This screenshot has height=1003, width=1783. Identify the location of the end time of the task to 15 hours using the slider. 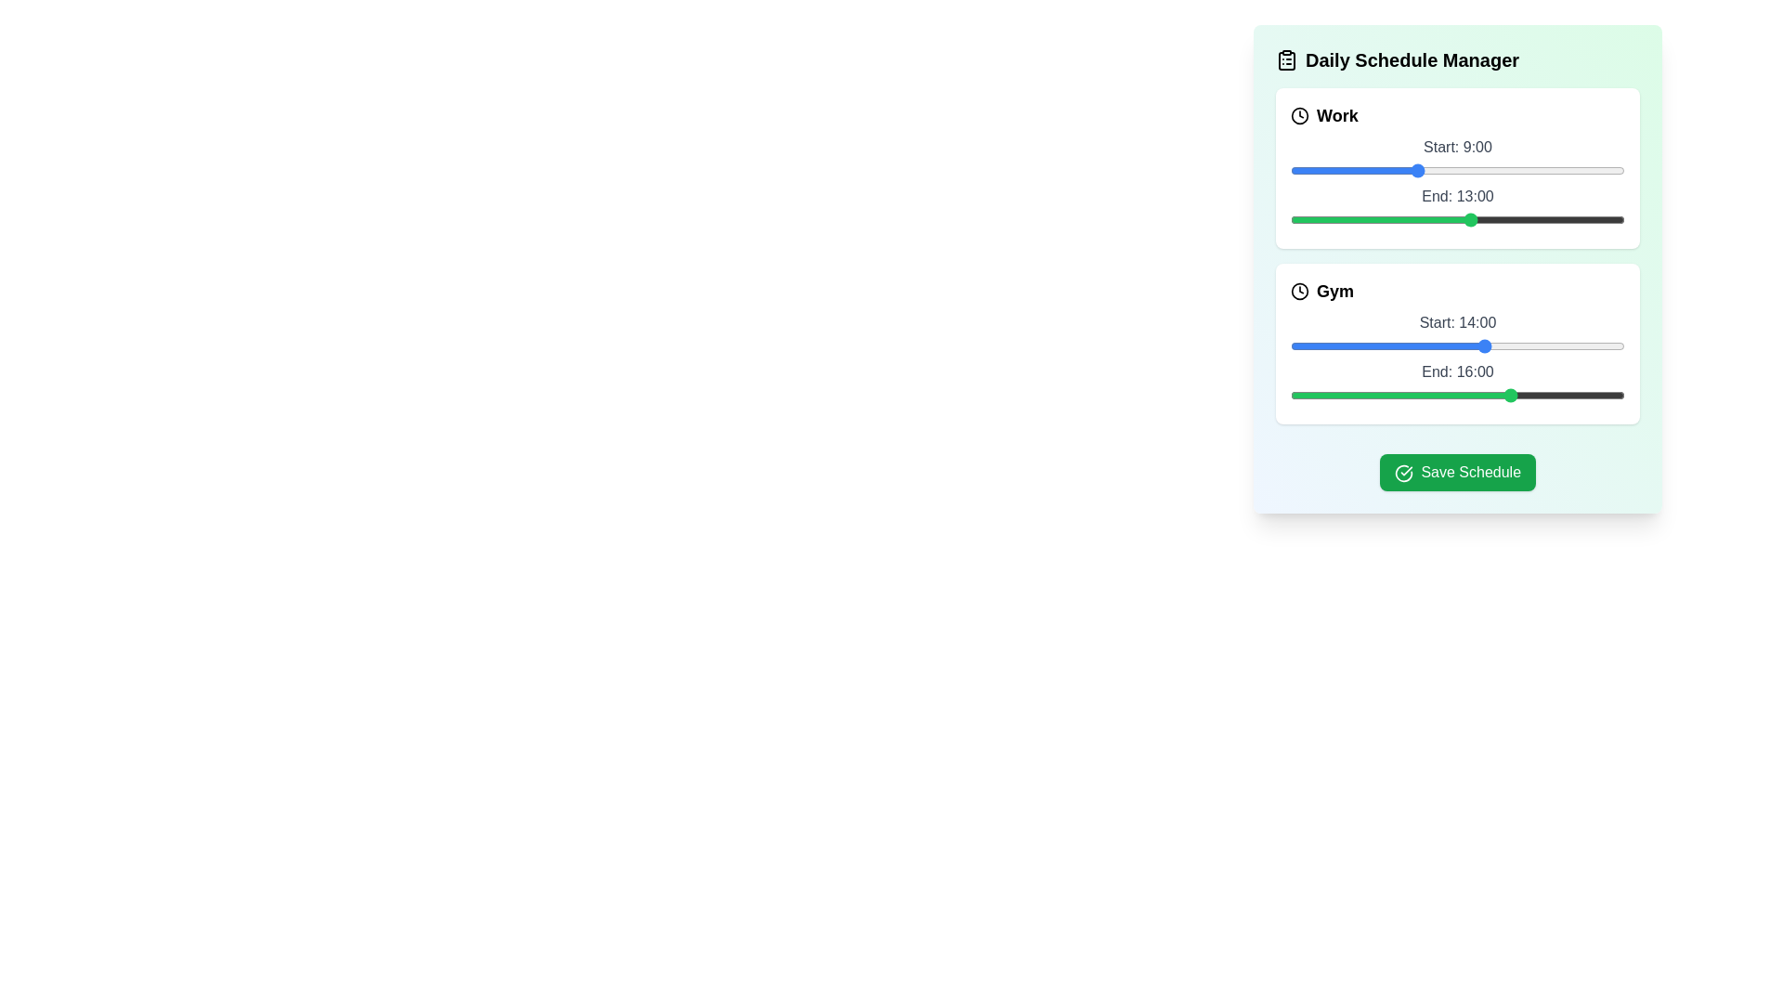
(1499, 218).